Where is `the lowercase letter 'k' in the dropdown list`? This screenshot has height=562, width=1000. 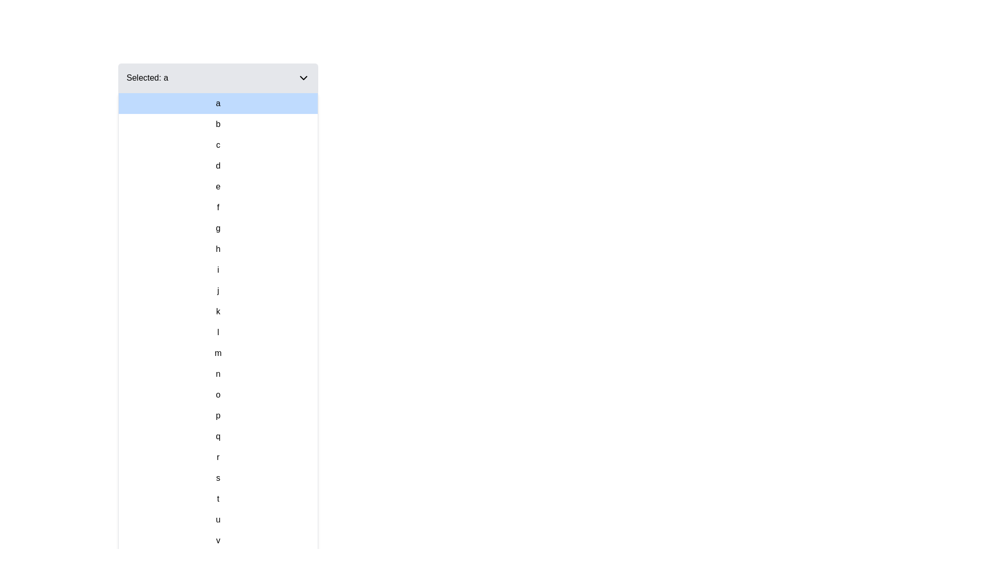
the lowercase letter 'k' in the dropdown list is located at coordinates (217, 311).